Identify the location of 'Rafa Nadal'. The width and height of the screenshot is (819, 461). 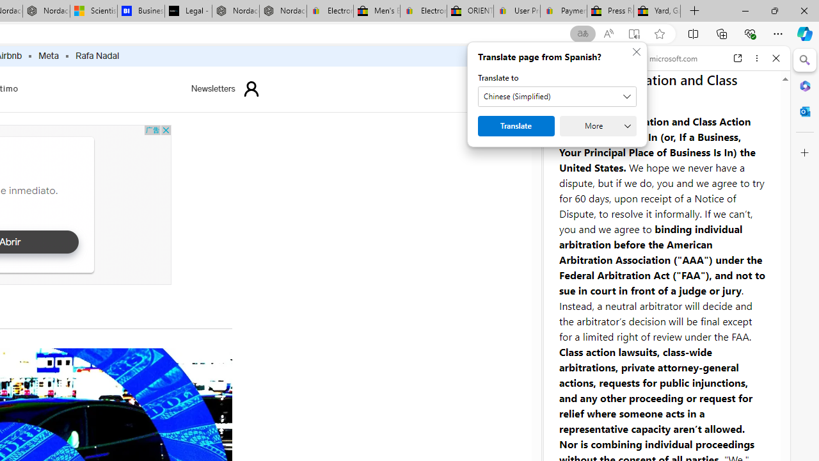
(97, 56).